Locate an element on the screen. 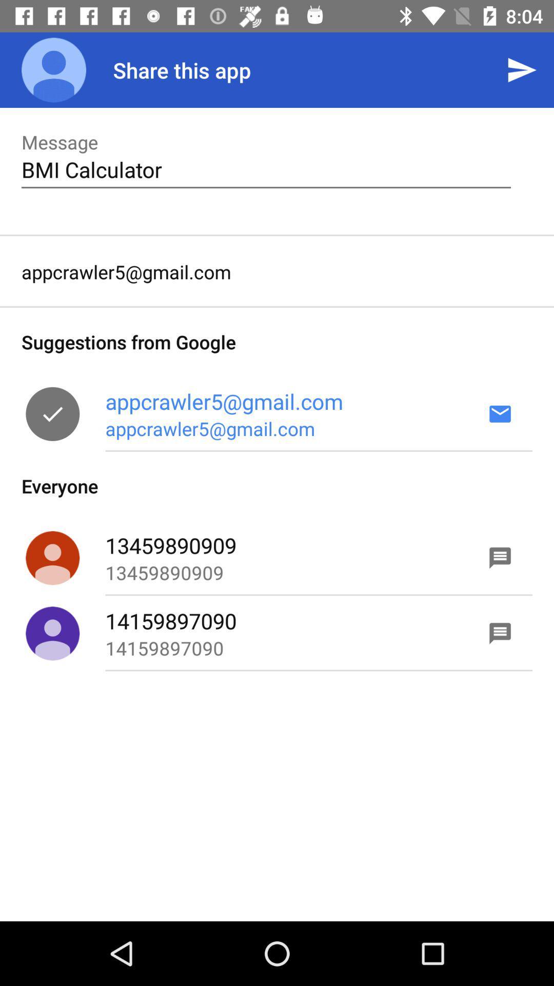 The image size is (554, 986). bmi calculator  icon is located at coordinates (266, 169).